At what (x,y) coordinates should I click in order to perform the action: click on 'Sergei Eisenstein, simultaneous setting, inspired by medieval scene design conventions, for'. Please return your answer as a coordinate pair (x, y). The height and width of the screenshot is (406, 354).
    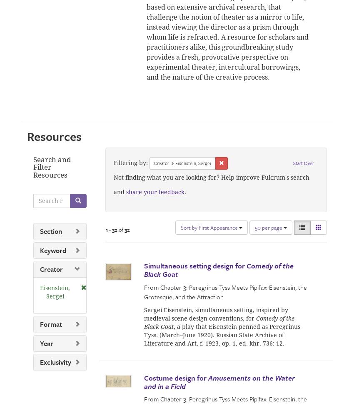
    Looking at the image, I should click on (216, 313).